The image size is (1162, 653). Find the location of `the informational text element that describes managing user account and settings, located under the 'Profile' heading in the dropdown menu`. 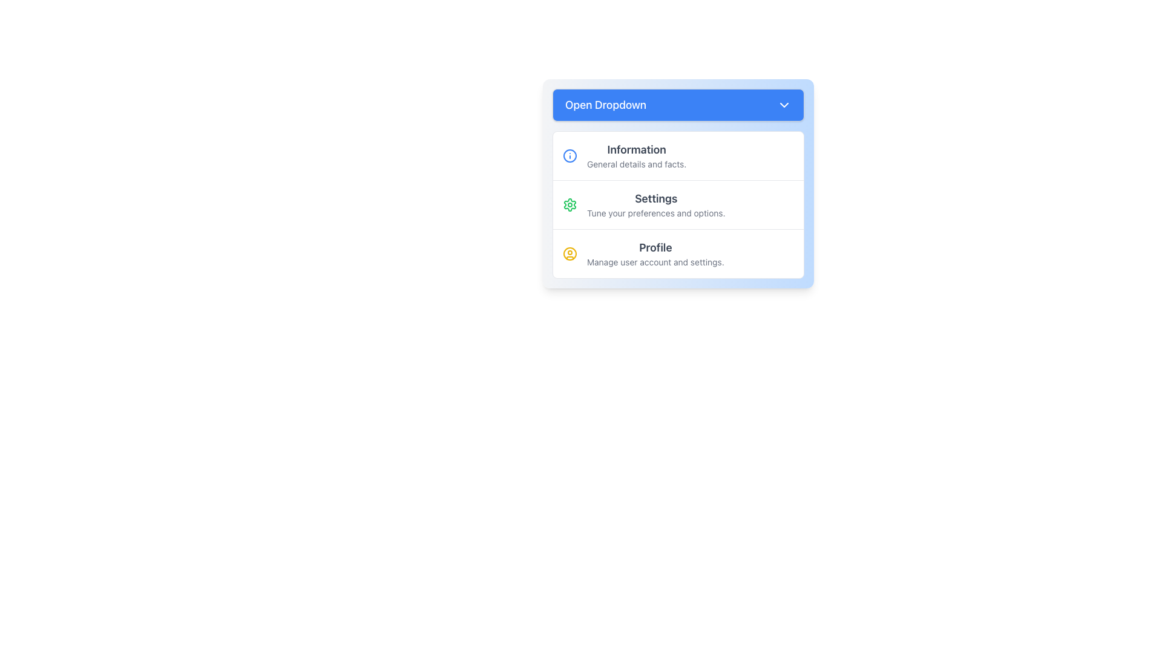

the informational text element that describes managing user account and settings, located under the 'Profile' heading in the dropdown menu is located at coordinates (655, 262).